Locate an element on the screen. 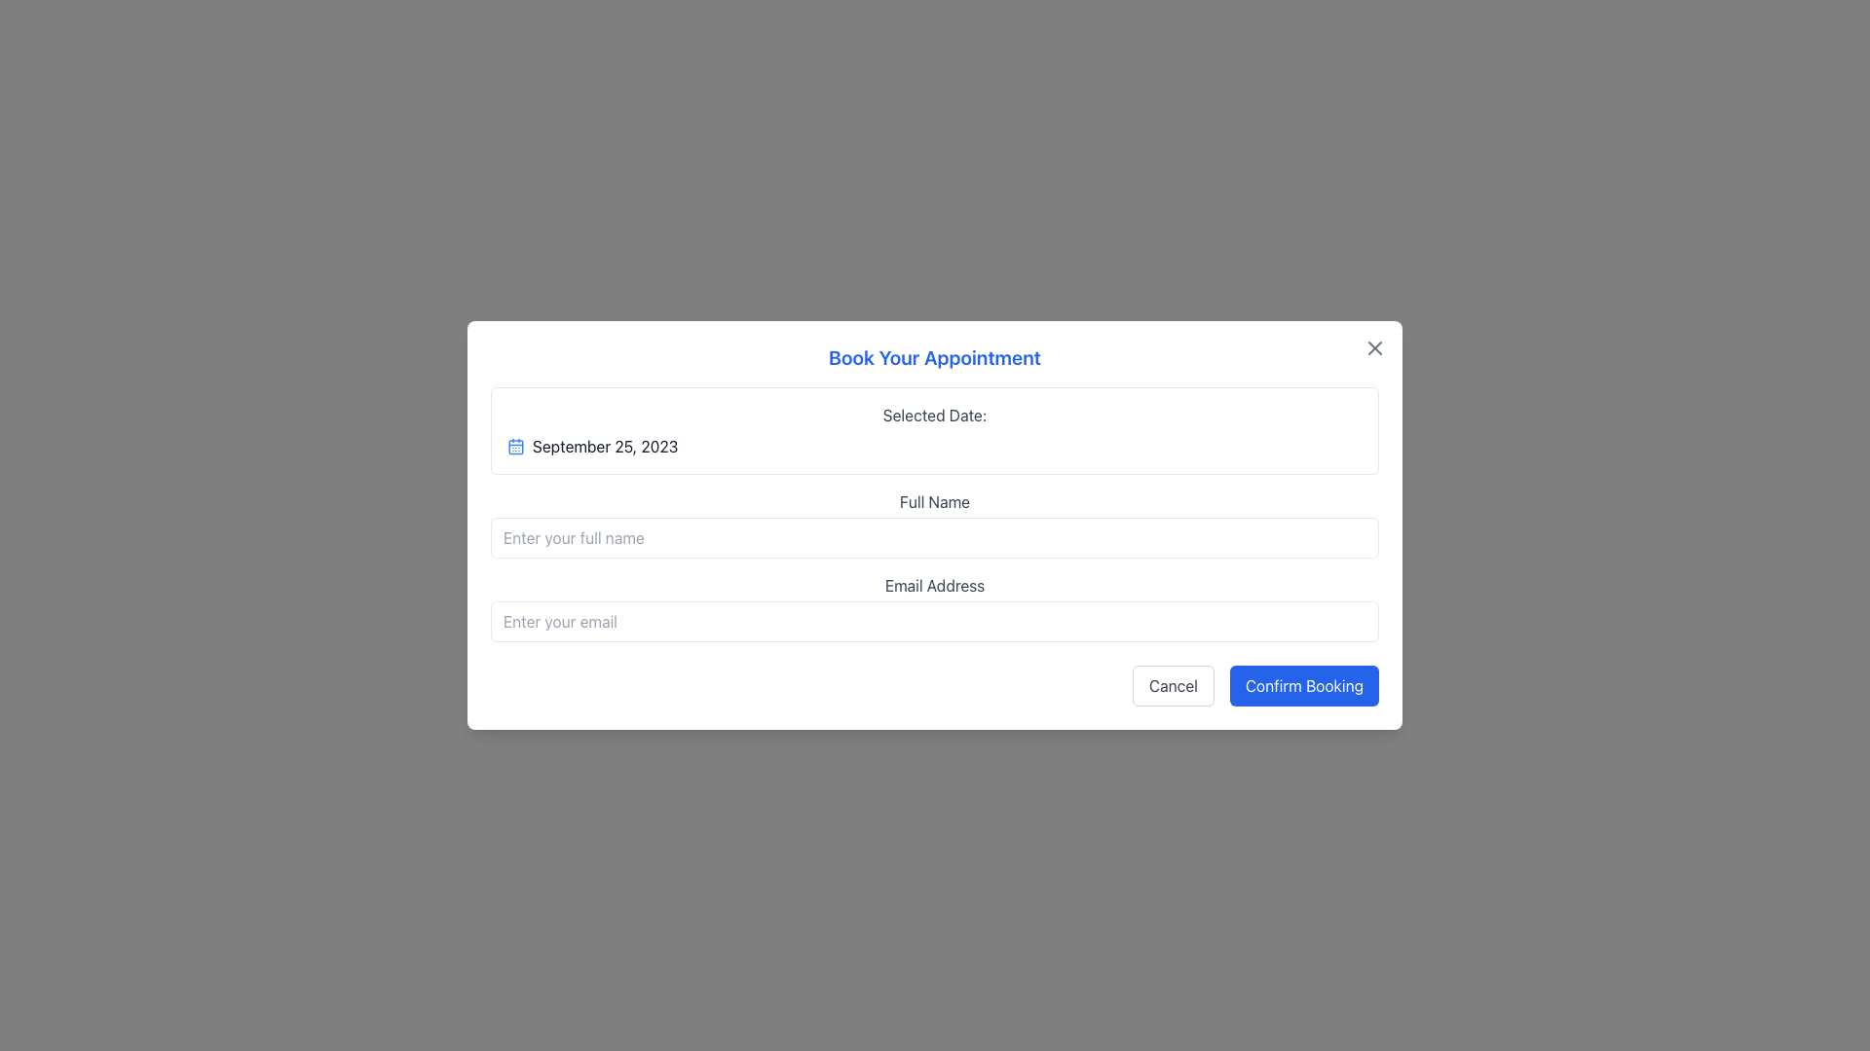 This screenshot has height=1051, width=1870. the 'X' shaped icon button located at the top-right corner of the dialog box to change its color from gray to red is located at coordinates (1373, 347).